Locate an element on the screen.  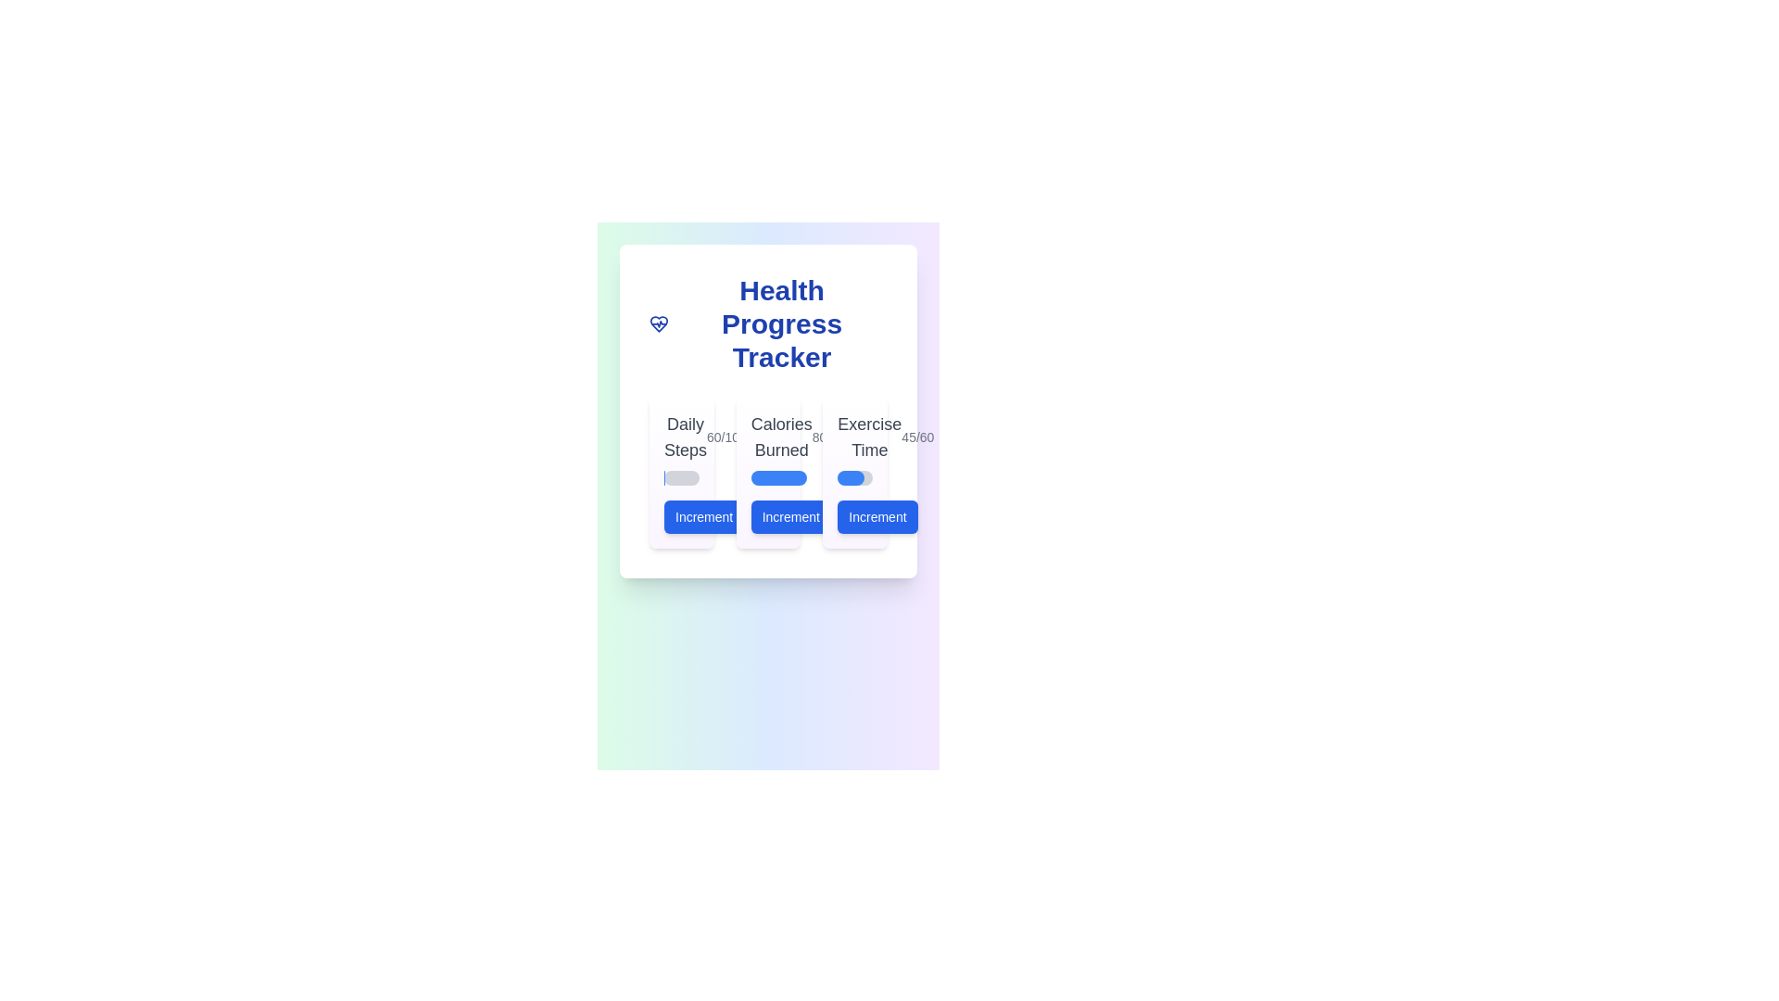
the blue progress segment of the second progress bar under the 'Calories Burned' section is located at coordinates (778, 477).